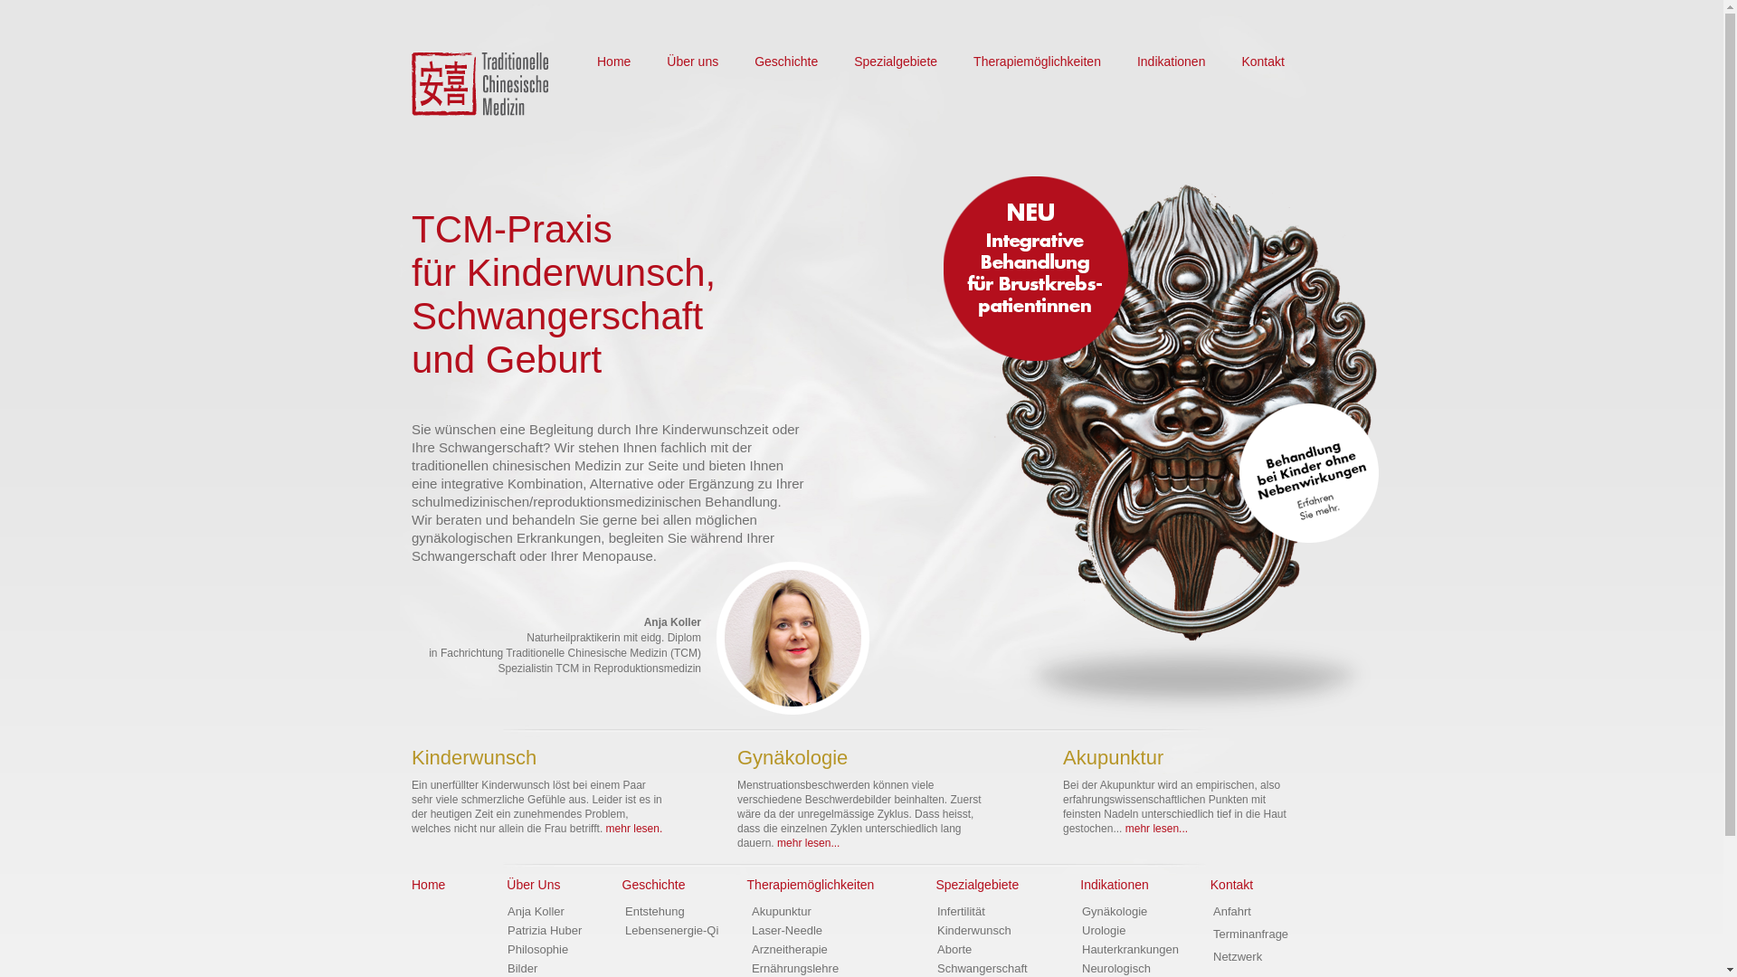  Describe the element at coordinates (1115, 967) in the screenshot. I see `'Neurologisch'` at that location.